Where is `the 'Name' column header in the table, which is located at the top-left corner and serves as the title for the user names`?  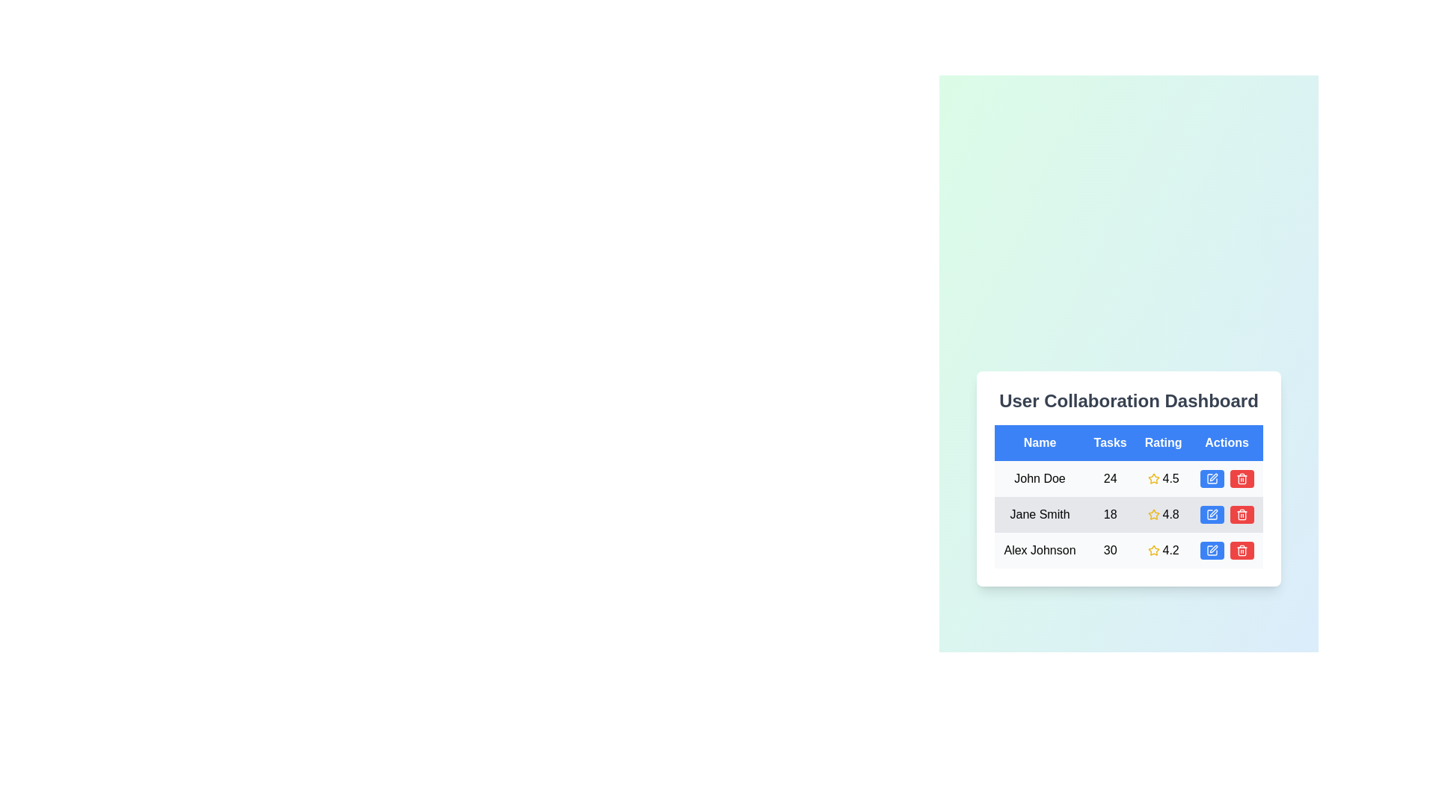 the 'Name' column header in the table, which is located at the top-left corner and serves as the title for the user names is located at coordinates (1039, 442).